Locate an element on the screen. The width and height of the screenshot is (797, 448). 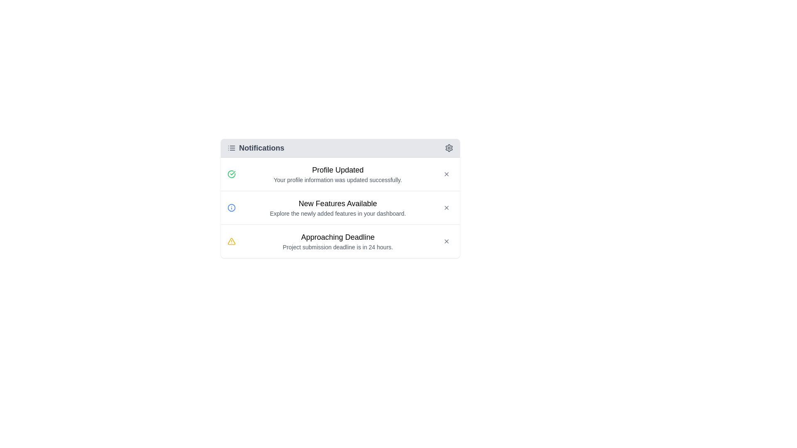
the label indicating successful profile update, which is positioned at the top of the notification card in the notification list is located at coordinates (338, 169).